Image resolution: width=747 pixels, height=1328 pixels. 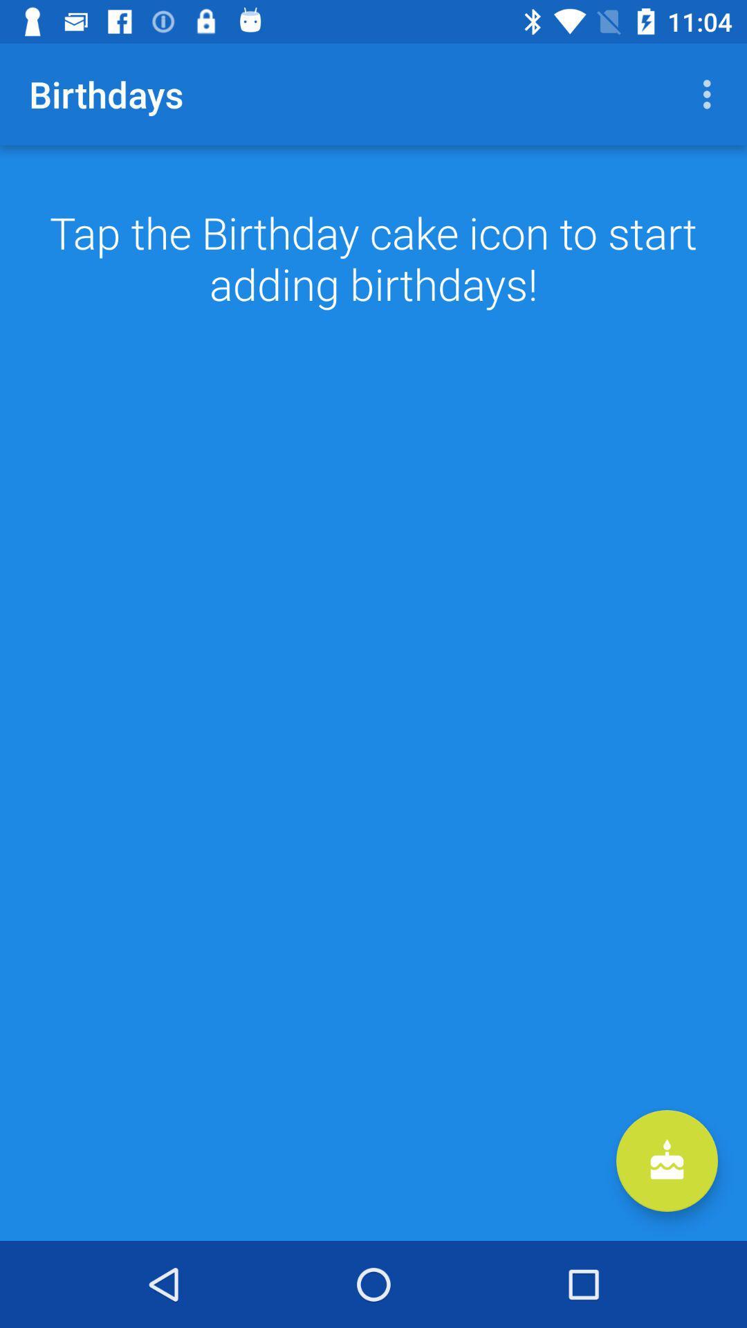 What do you see at coordinates (710, 93) in the screenshot?
I see `app next to the birthdays icon` at bounding box center [710, 93].